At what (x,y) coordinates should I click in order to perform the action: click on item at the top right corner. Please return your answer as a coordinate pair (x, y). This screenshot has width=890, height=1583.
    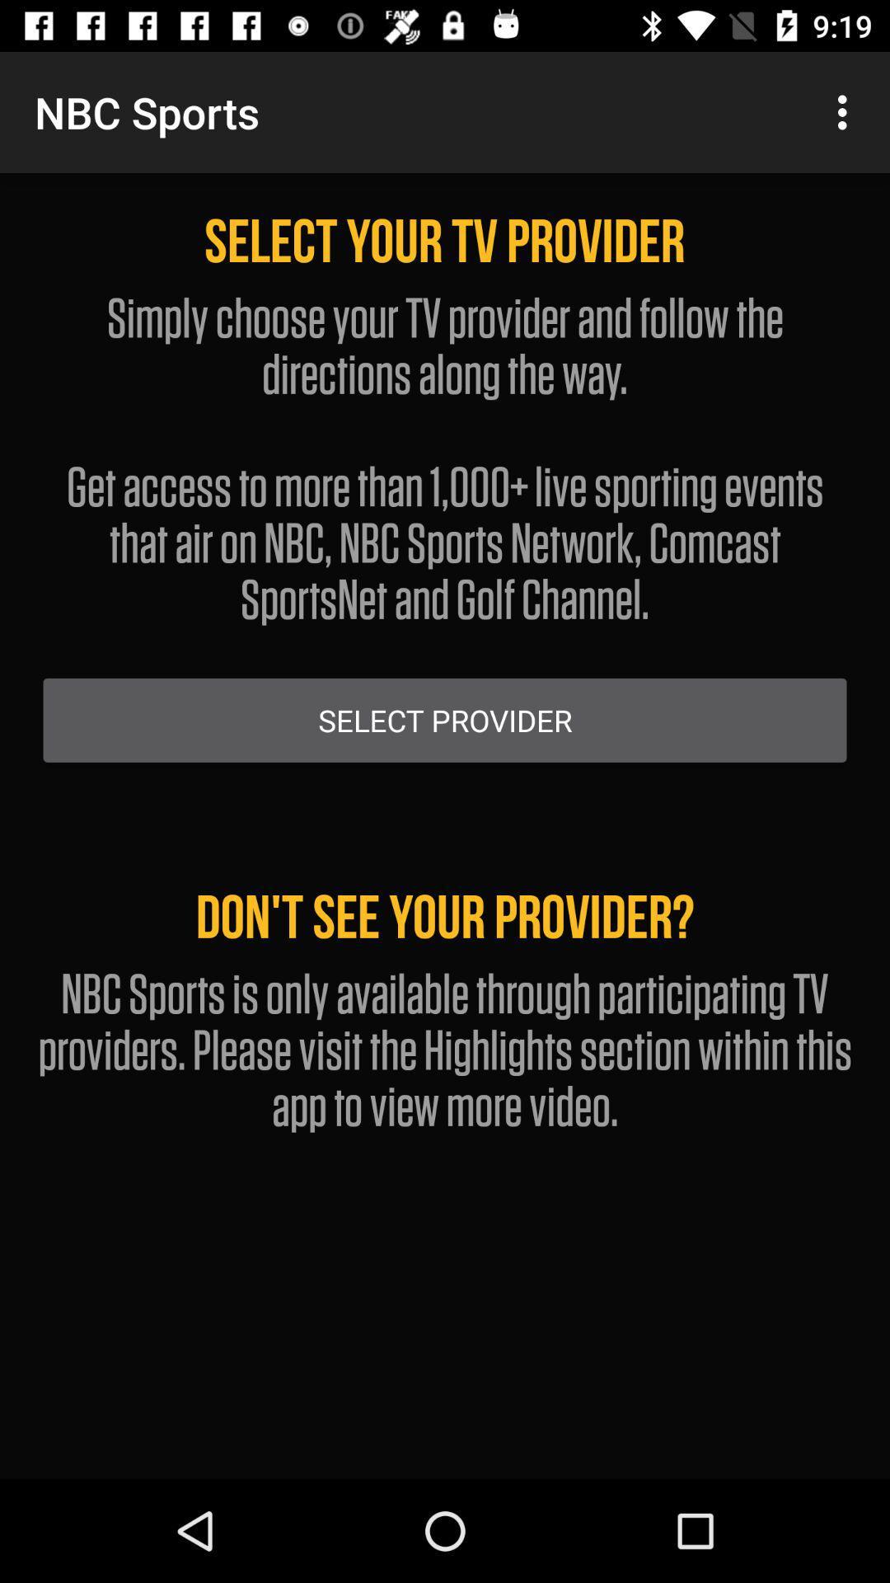
    Looking at the image, I should click on (846, 111).